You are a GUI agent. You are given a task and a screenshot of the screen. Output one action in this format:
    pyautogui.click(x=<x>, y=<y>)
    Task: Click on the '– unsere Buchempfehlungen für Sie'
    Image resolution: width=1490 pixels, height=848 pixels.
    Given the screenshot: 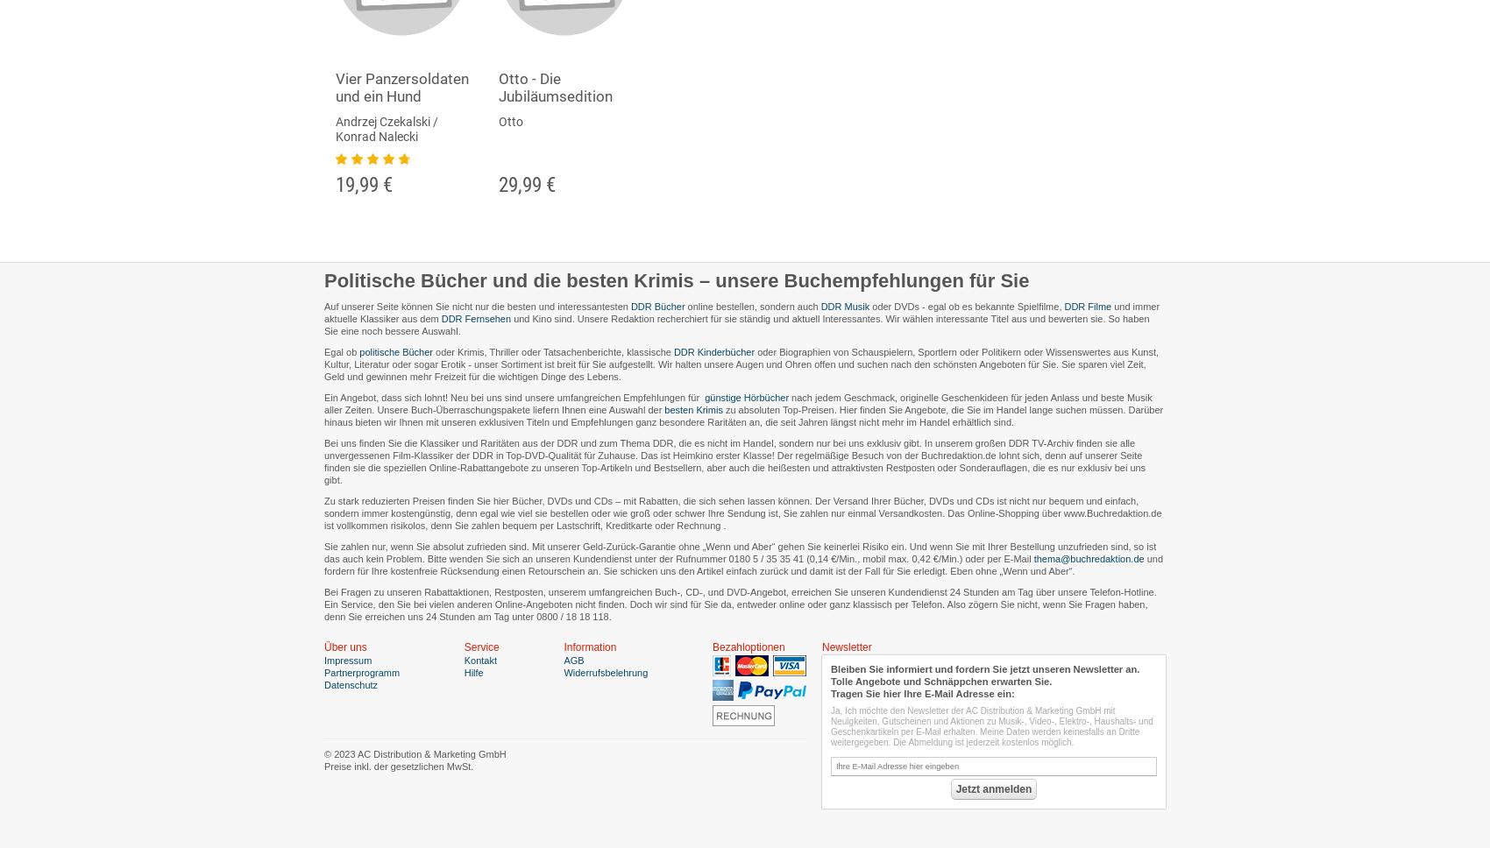 What is the action you would take?
    pyautogui.click(x=860, y=279)
    